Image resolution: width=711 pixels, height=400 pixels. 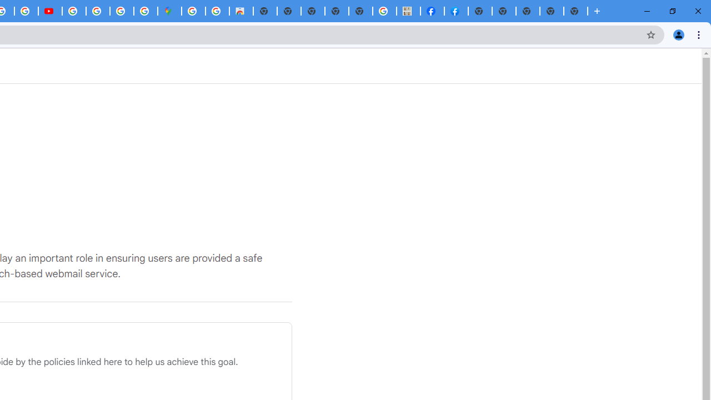 I want to click on 'Miley Cyrus | Facebook', so click(x=432, y=11).